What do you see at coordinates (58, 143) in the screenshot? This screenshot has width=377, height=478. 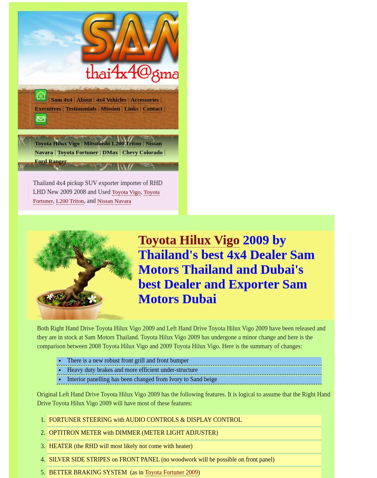 I see `'Toyota Hilux Vigo'` at bounding box center [58, 143].